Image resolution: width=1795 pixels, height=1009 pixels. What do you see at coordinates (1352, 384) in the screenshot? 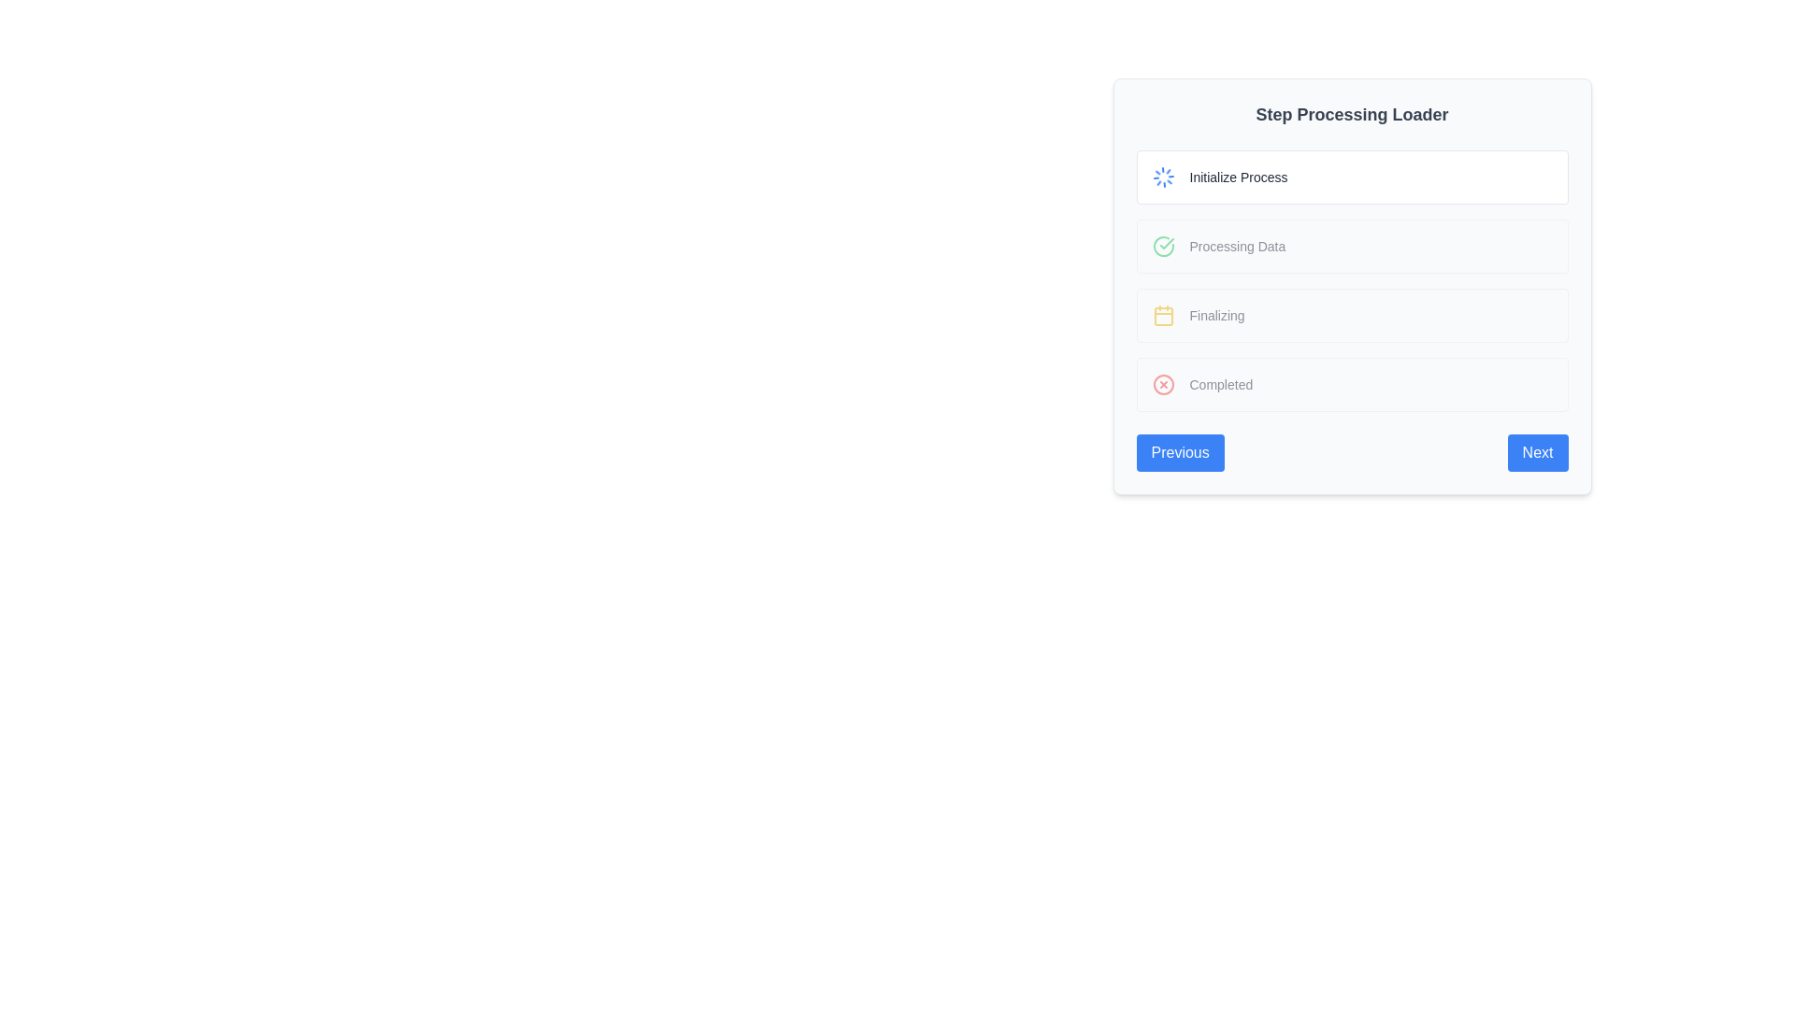
I see `the Label with an icon that has a red circular icon with a cross and the word 'Completed' in gray, located at the bottom of a vertical list of steps in a process` at bounding box center [1352, 384].